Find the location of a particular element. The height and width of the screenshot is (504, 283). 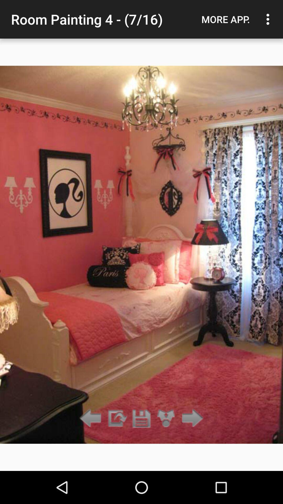

the save icon is located at coordinates (141, 418).